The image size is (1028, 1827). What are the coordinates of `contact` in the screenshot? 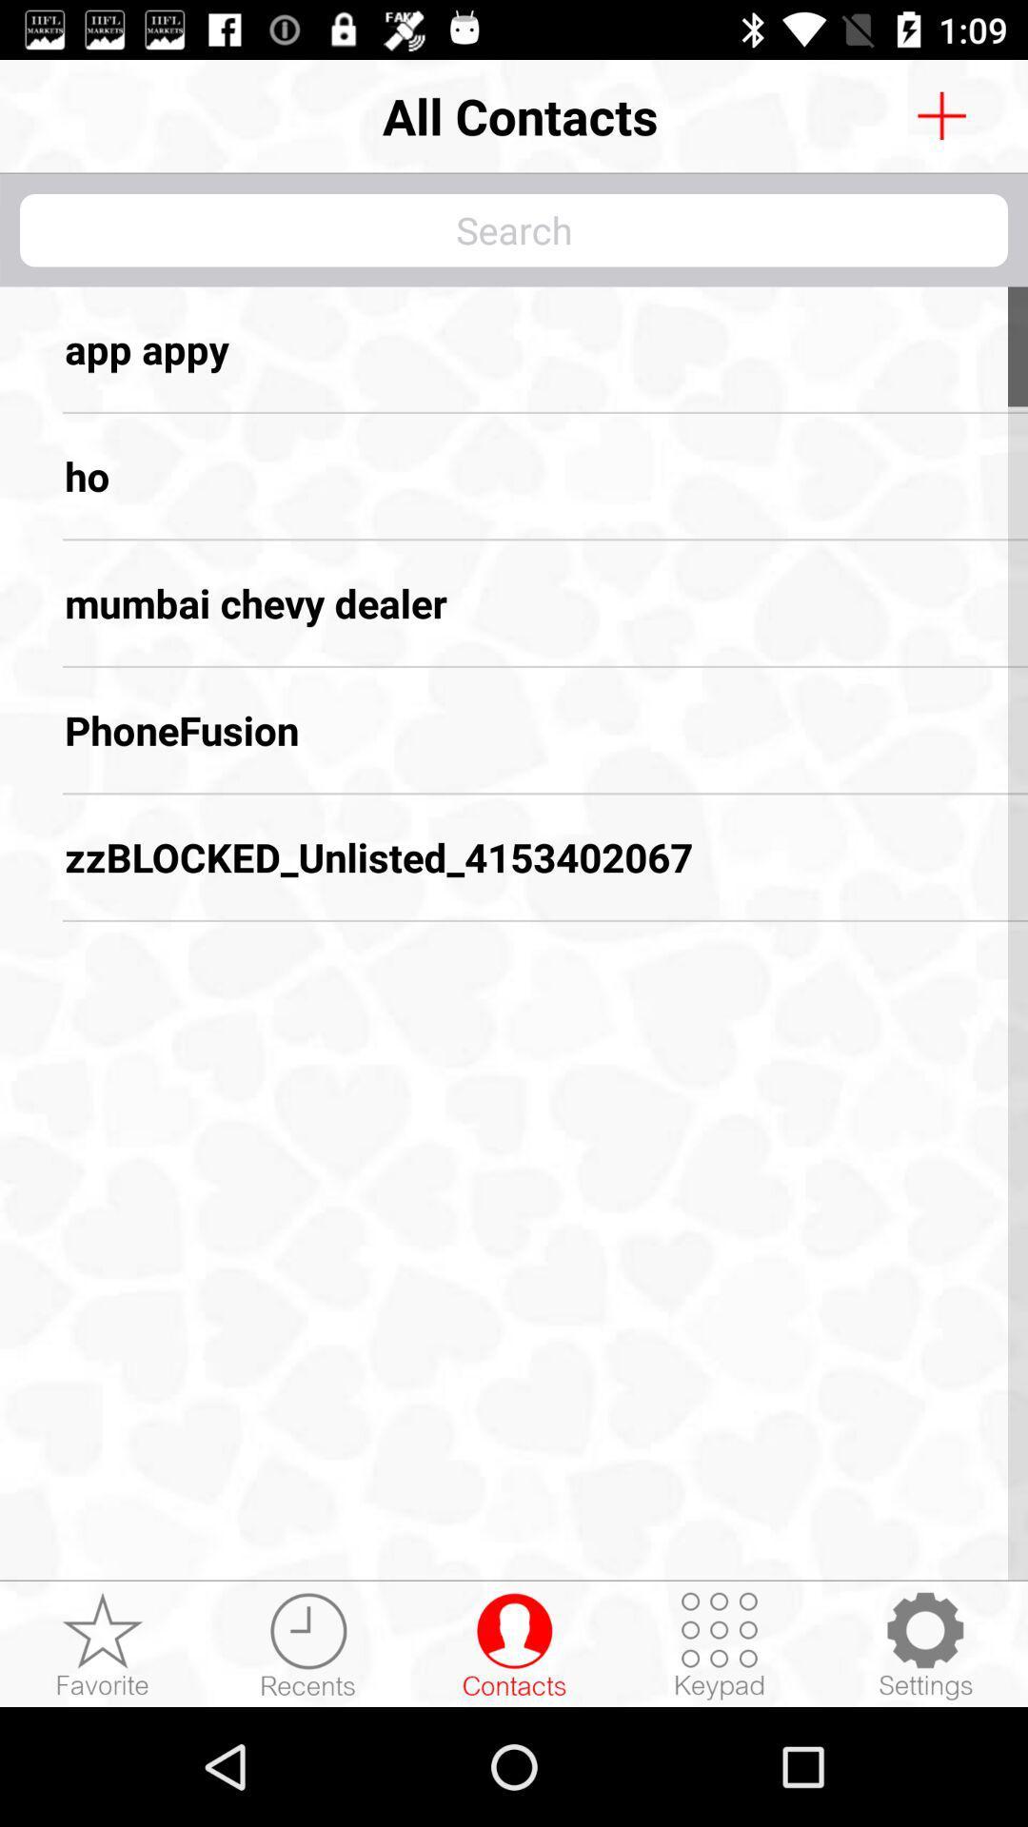 It's located at (514, 1644).